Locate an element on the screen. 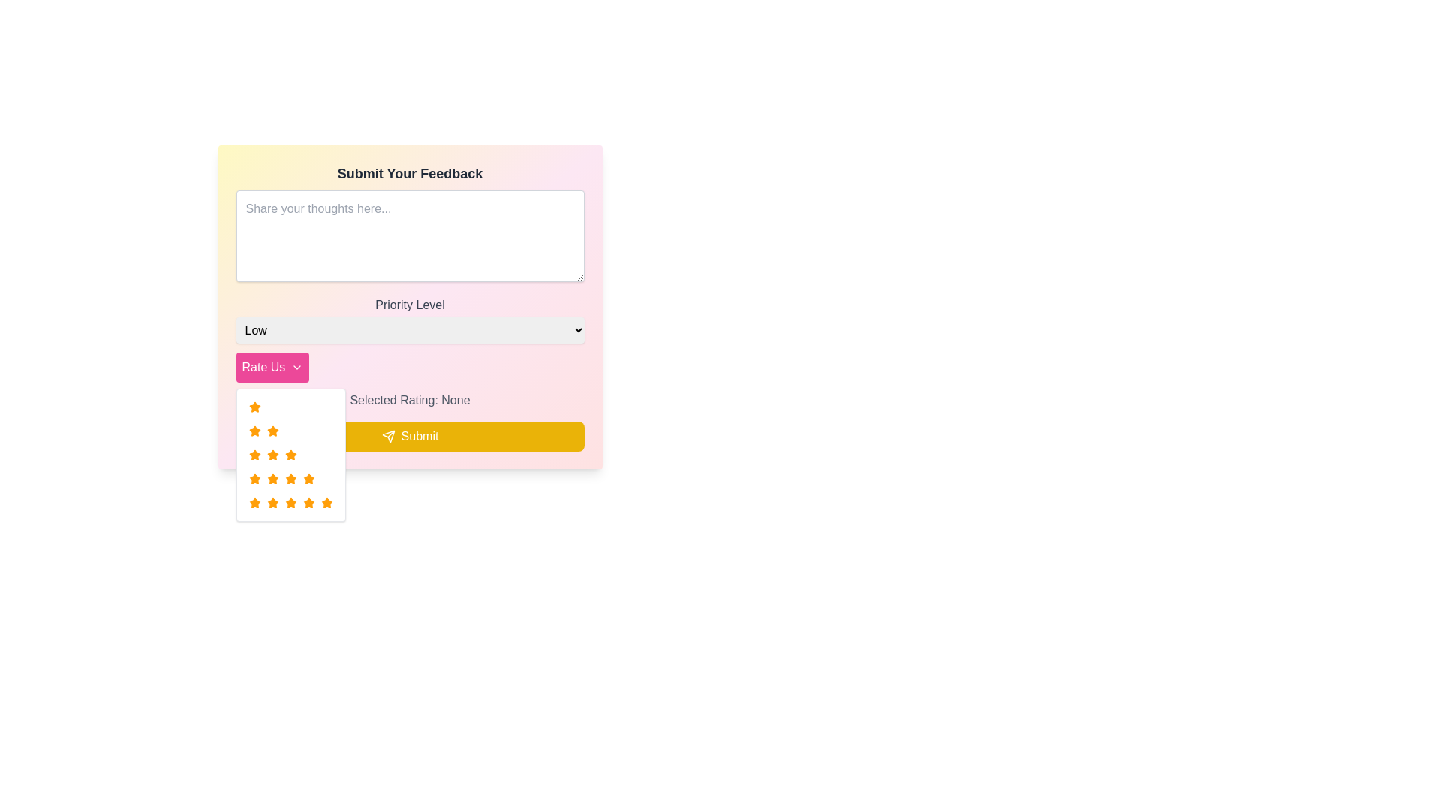 This screenshot has height=810, width=1441. the first orange star icon is located at coordinates (254, 407).